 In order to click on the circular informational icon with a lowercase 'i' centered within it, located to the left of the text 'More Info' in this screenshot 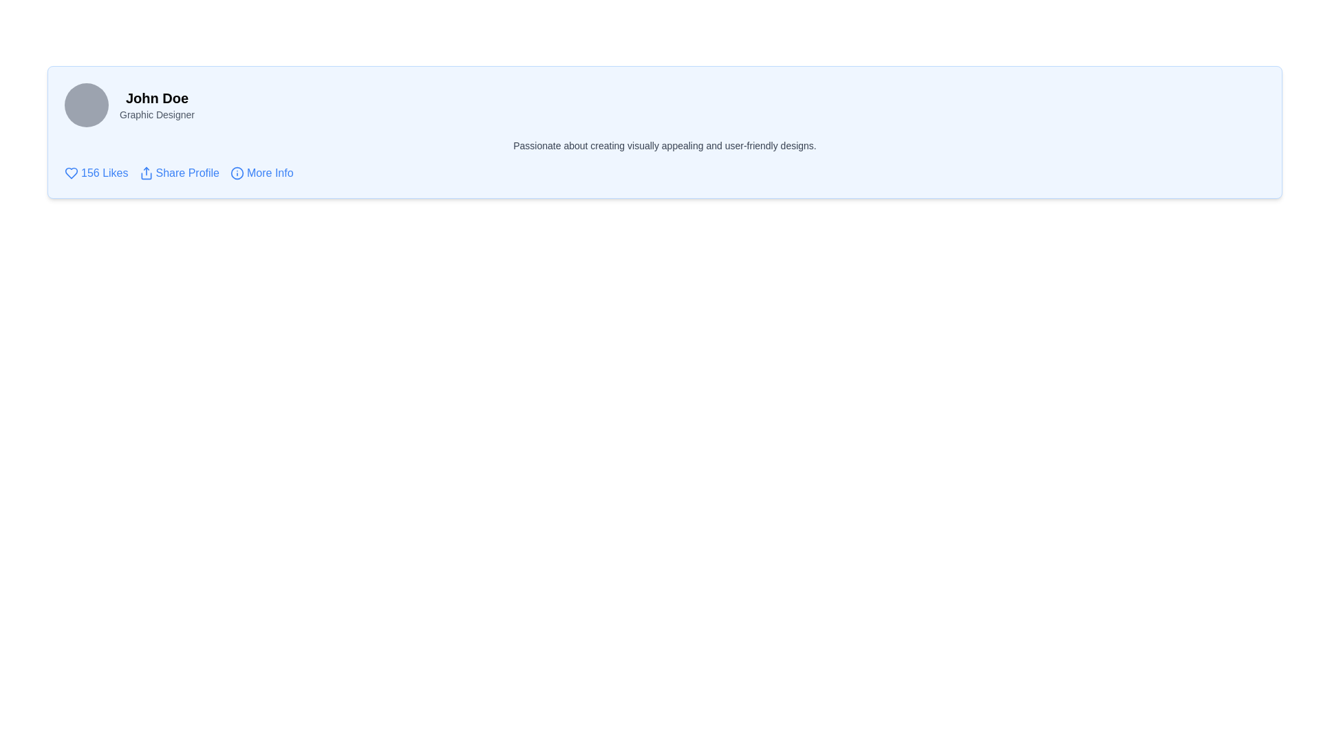, I will do `click(237, 172)`.